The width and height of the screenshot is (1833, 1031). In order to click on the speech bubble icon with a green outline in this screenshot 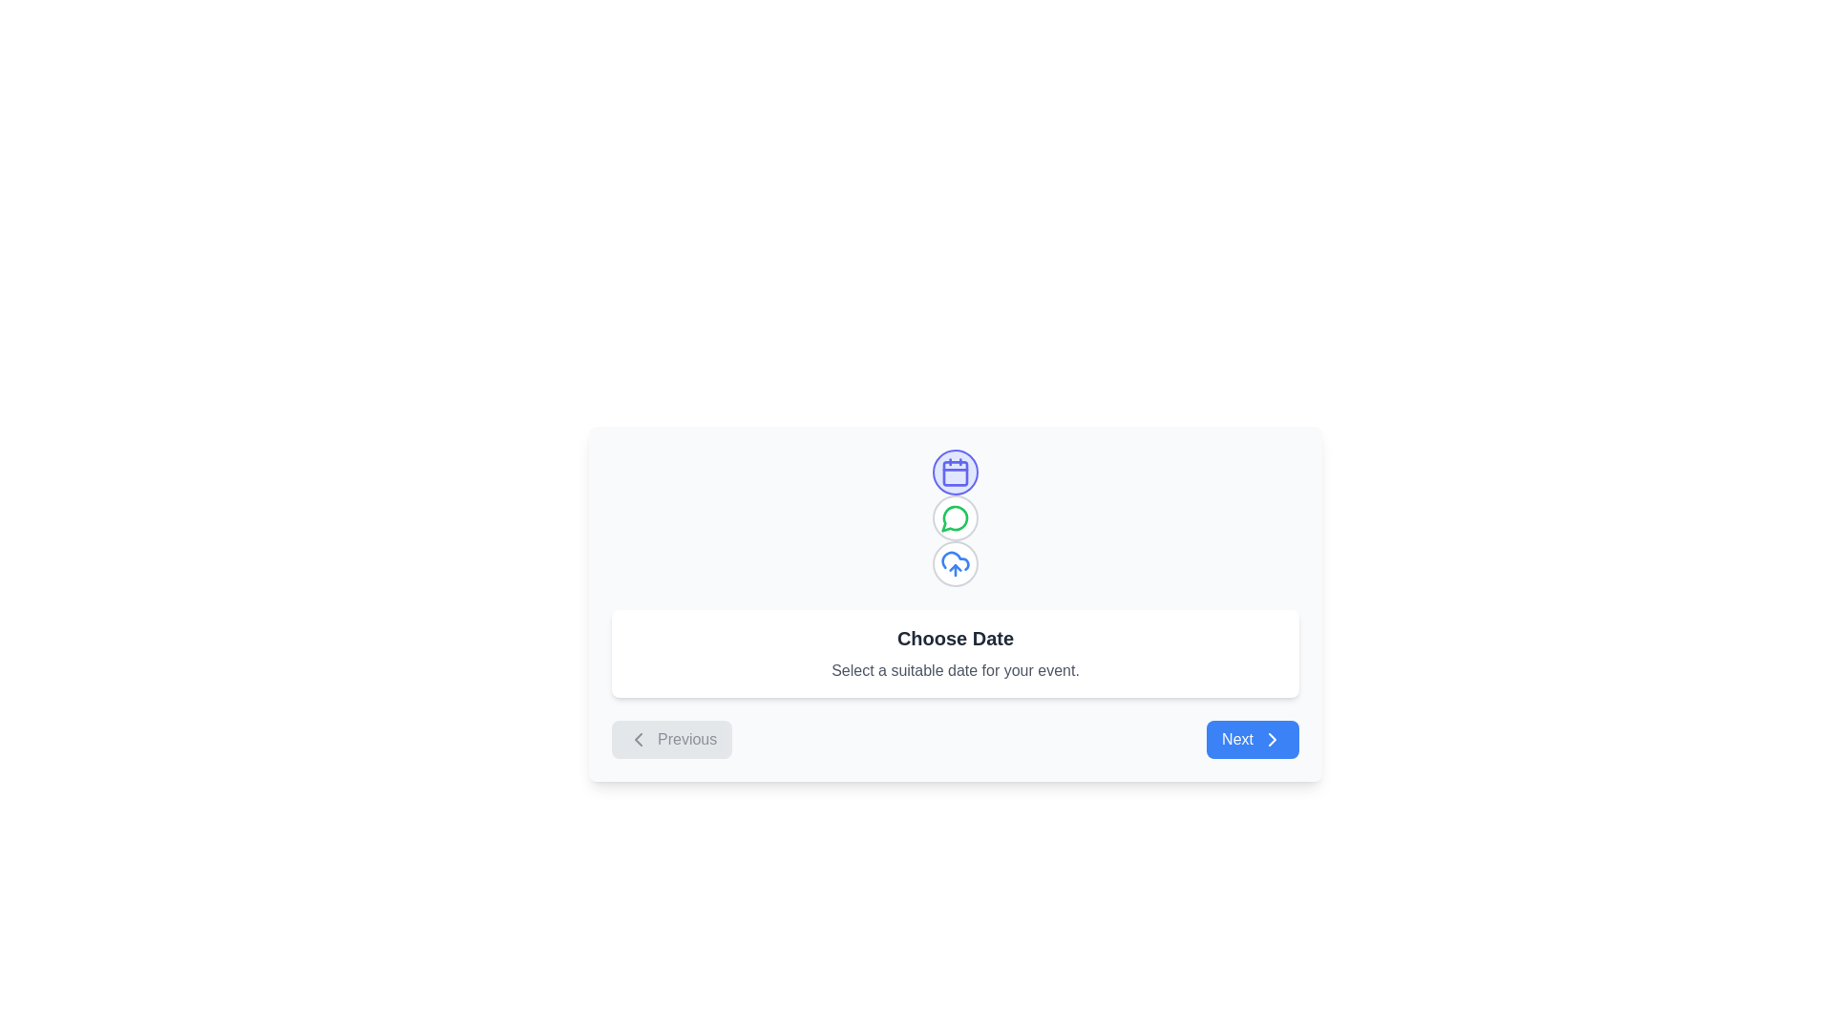, I will do `click(956, 518)`.